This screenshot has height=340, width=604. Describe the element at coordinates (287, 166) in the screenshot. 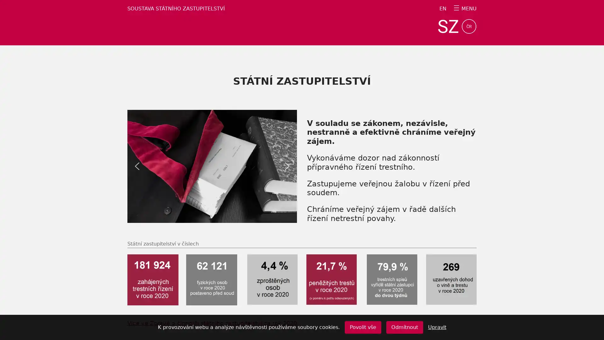

I see `next arrow` at that location.